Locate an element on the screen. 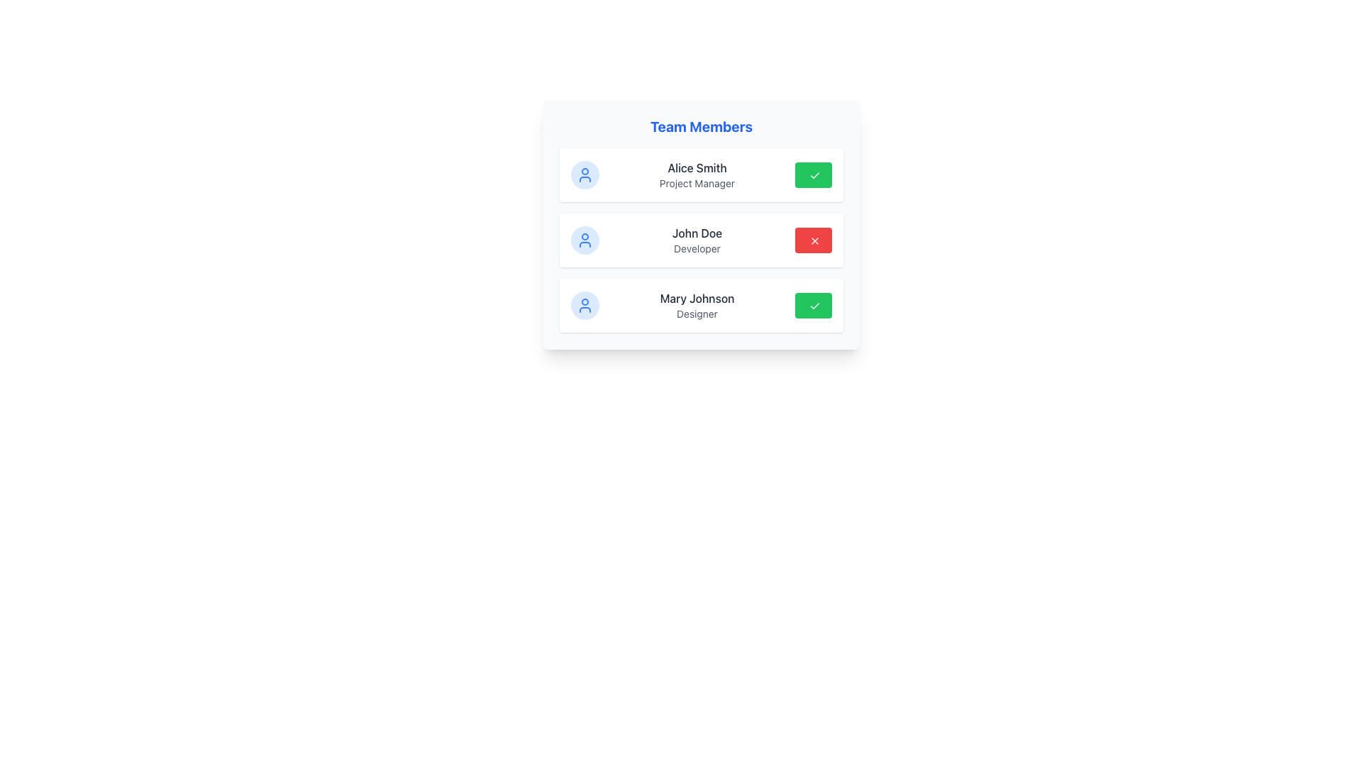 The height and width of the screenshot is (766, 1362). the text label displaying 'John Doe' in the 'Team Members' section, which is centrally located in the second row of the list is located at coordinates (697, 232).